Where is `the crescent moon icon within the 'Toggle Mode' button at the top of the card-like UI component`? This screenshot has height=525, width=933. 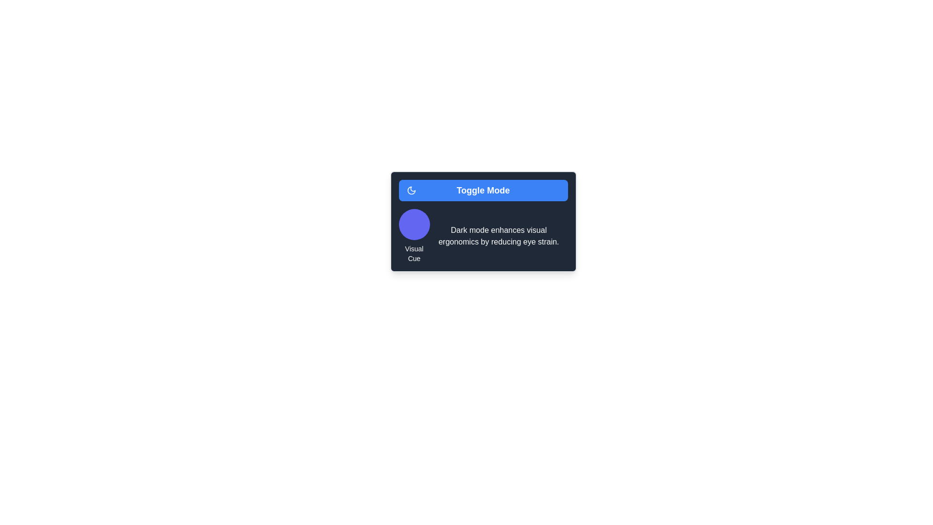 the crescent moon icon within the 'Toggle Mode' button at the top of the card-like UI component is located at coordinates (411, 191).